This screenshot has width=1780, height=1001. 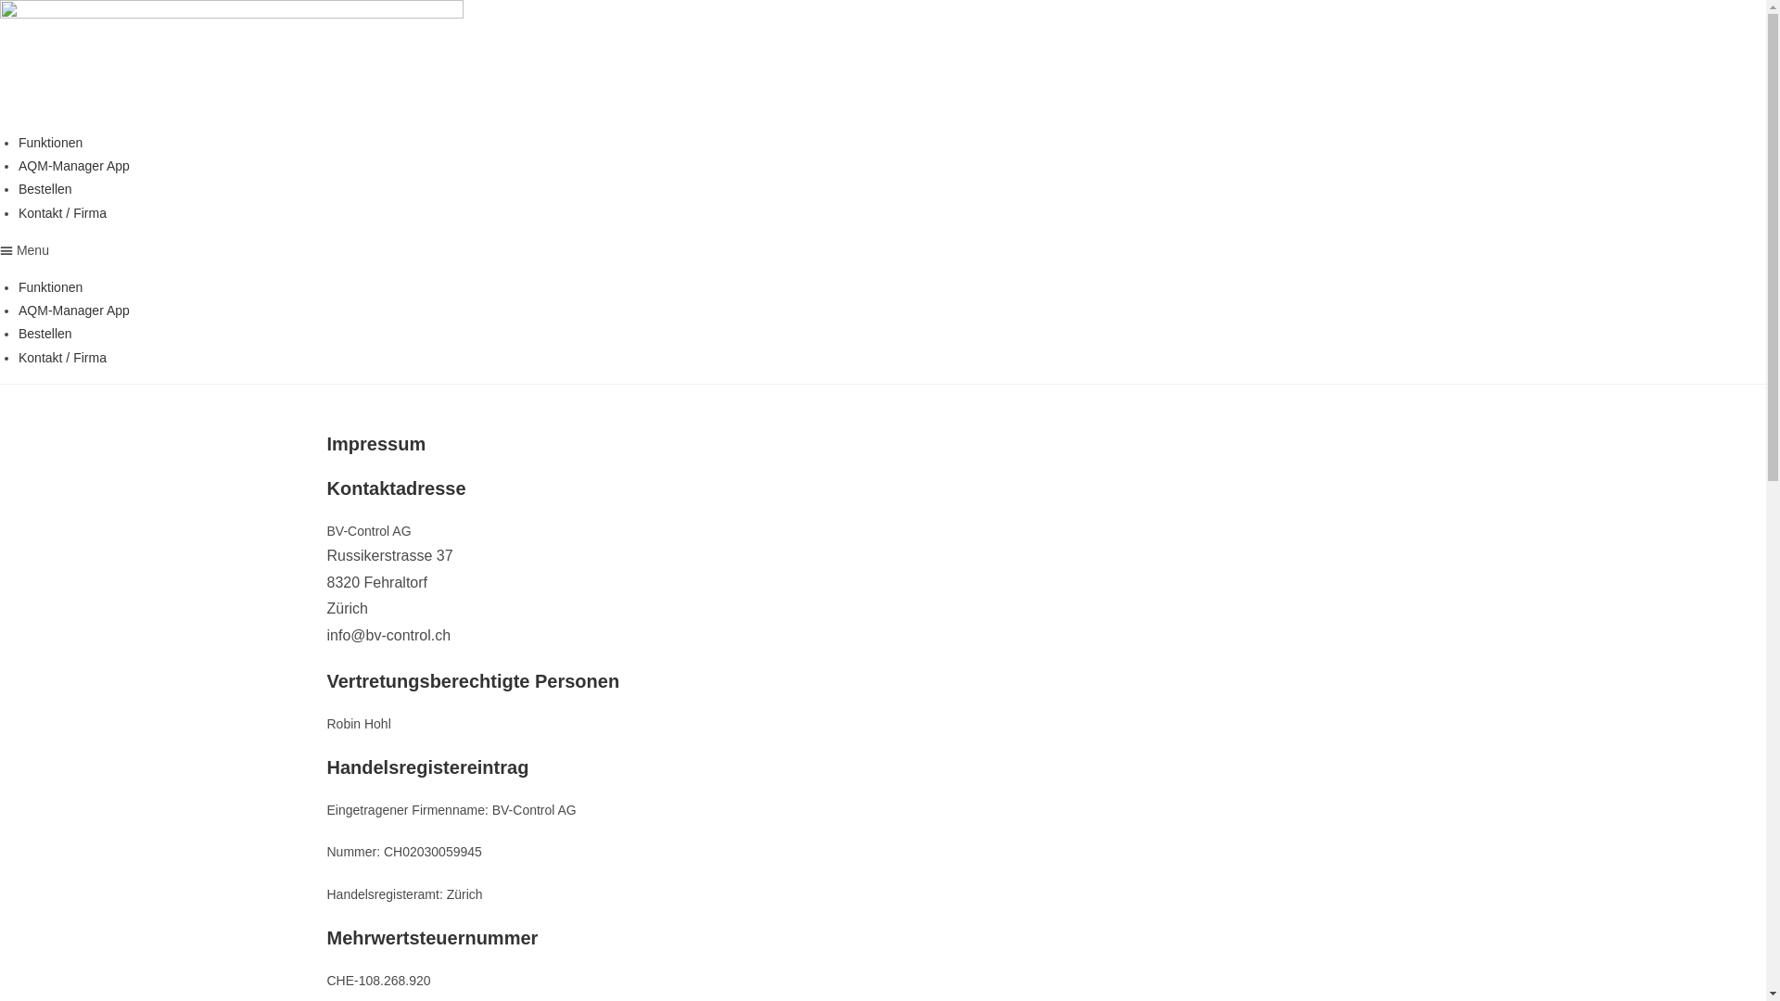 I want to click on 'Bestellen', so click(x=44, y=332).